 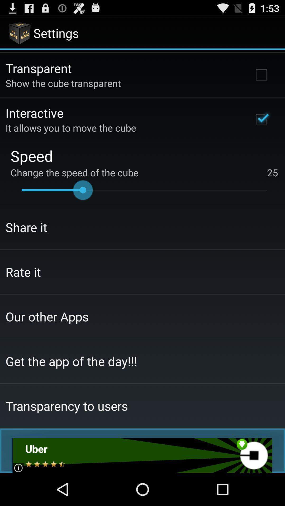 I want to click on uber app information, so click(x=142, y=455).